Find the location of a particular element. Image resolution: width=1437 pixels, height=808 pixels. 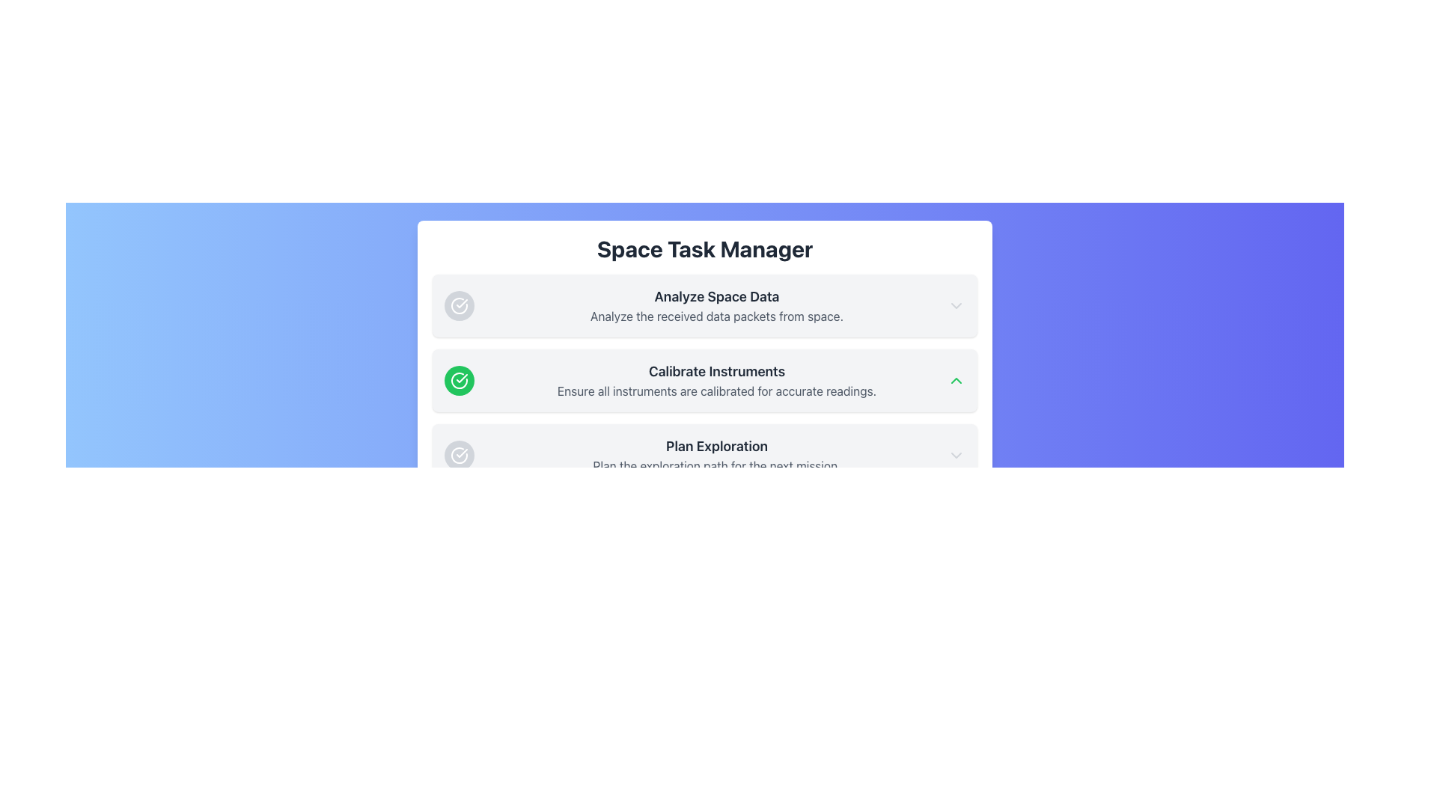

the circular status indicator icon with a light gray background and a white checkmark, located to the left of the 'Analyze Space Data' title text is located at coordinates (459, 304).